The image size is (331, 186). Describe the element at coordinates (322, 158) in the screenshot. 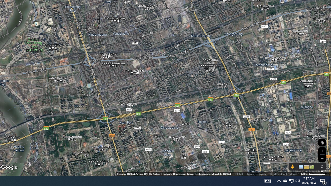

I see `'Zoom out'` at that location.